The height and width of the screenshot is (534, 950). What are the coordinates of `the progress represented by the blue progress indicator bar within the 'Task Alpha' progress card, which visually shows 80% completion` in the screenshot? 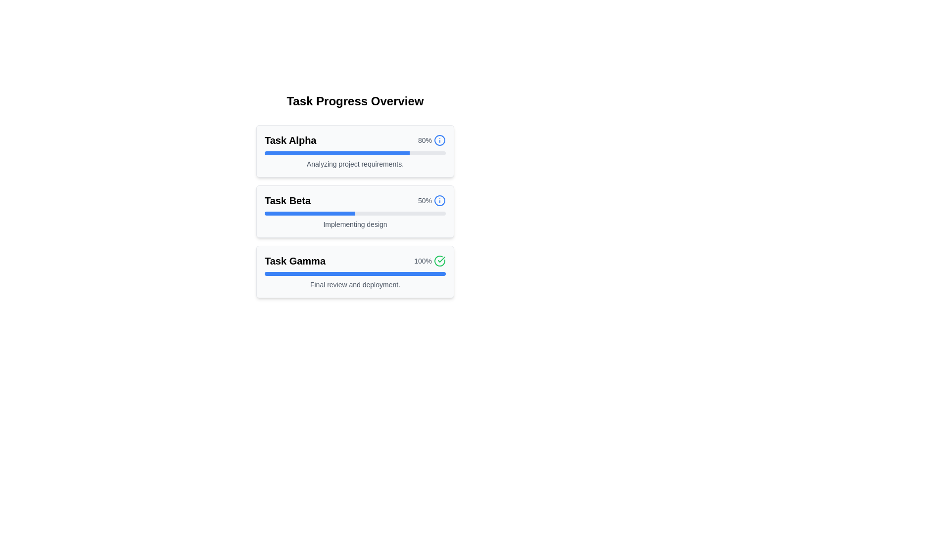 It's located at (337, 153).